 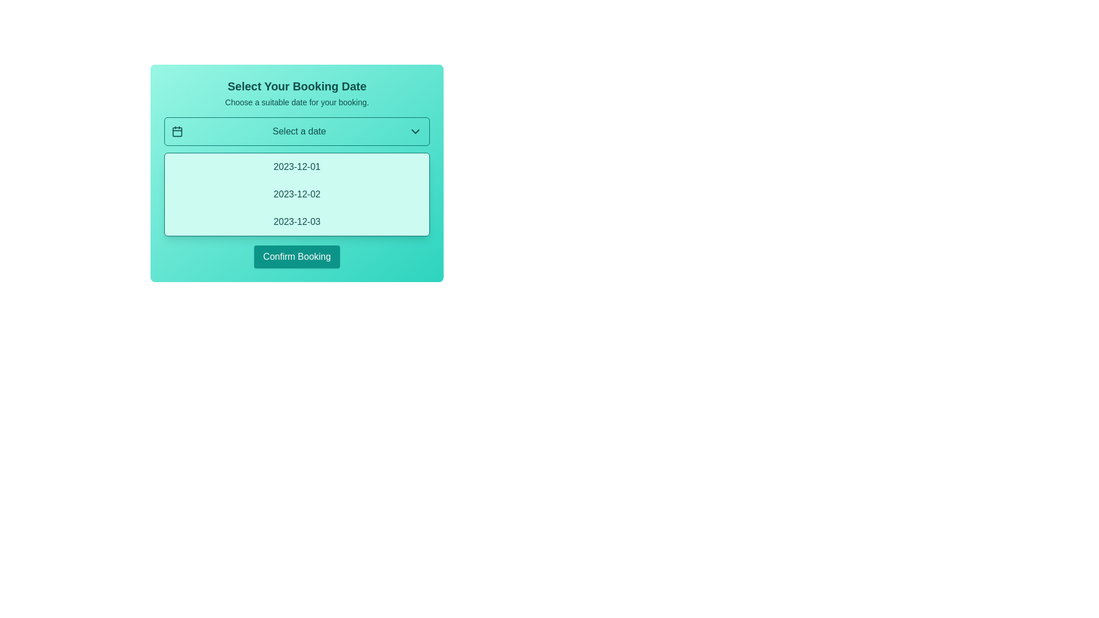 What do you see at coordinates (297, 222) in the screenshot?
I see `the text label displaying '2023-12-03' which is the third item in a list of date options in a dropdown under the header 'Select Your Booking Date'` at bounding box center [297, 222].